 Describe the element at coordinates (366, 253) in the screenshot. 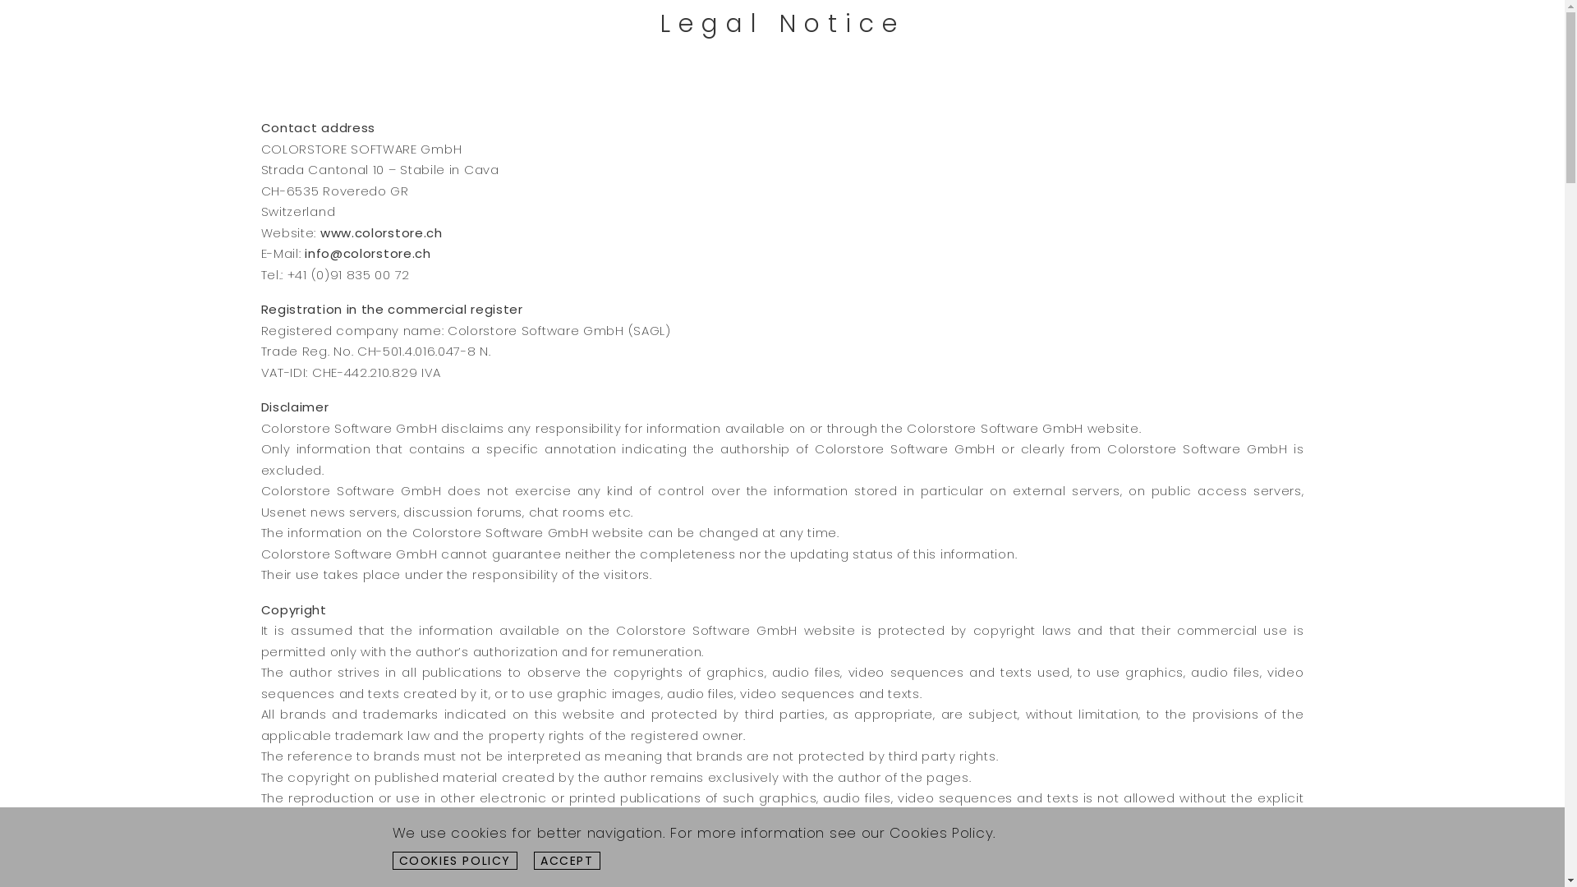

I see `'info@colorstore.ch'` at that location.